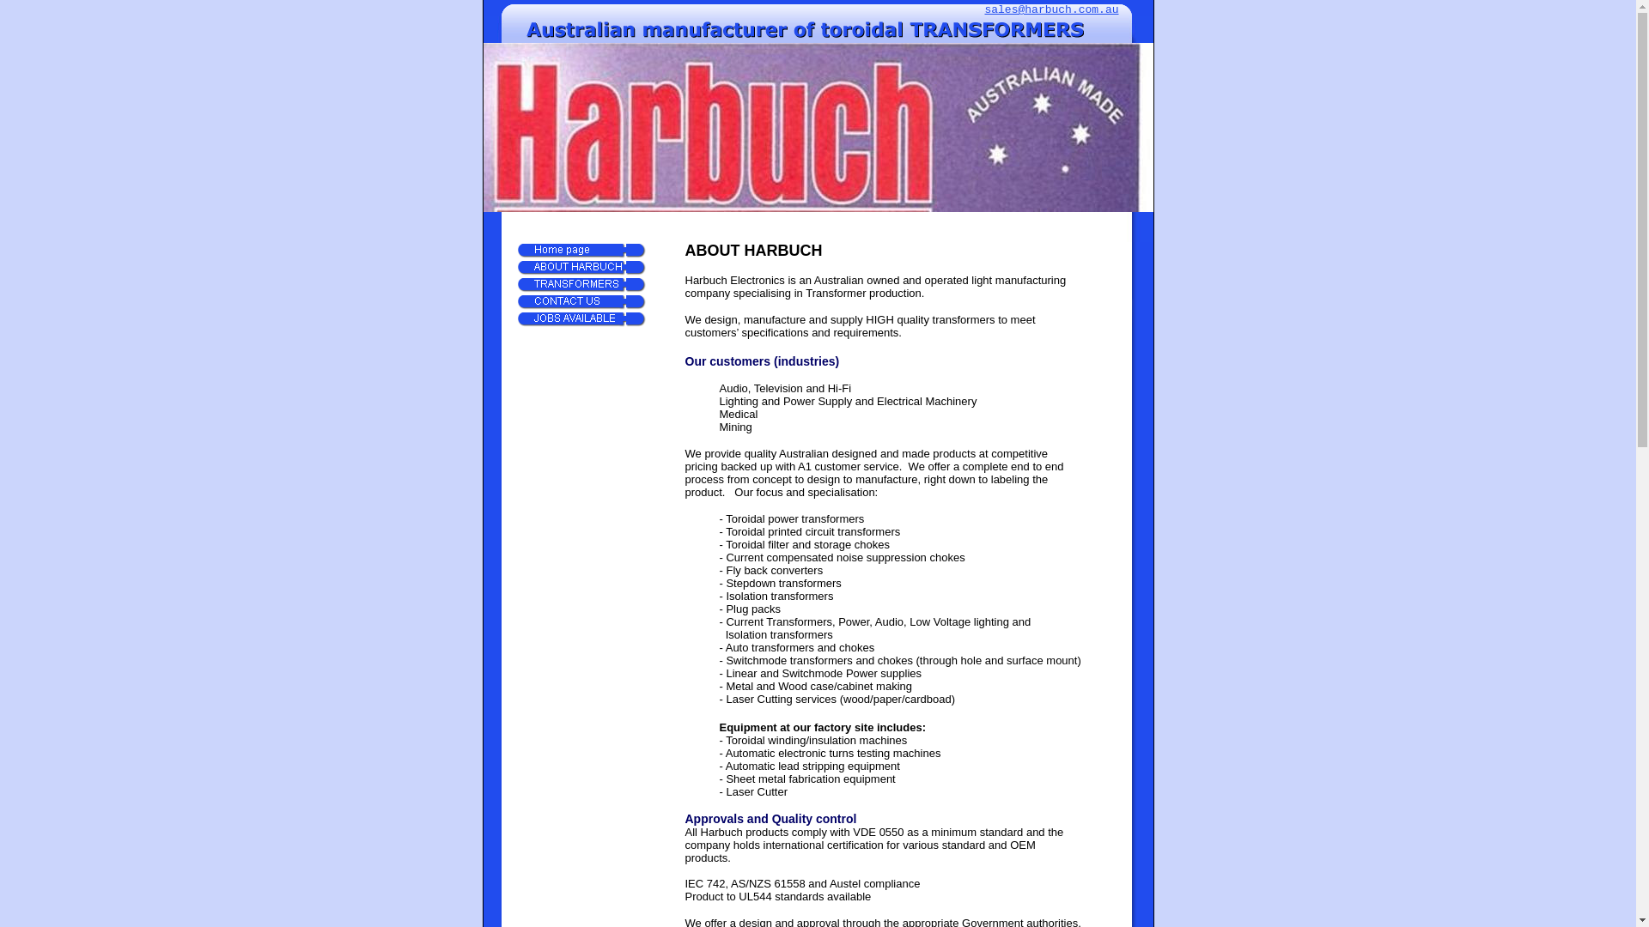 This screenshot has width=1649, height=927. I want to click on 'Home', so click(581, 251).